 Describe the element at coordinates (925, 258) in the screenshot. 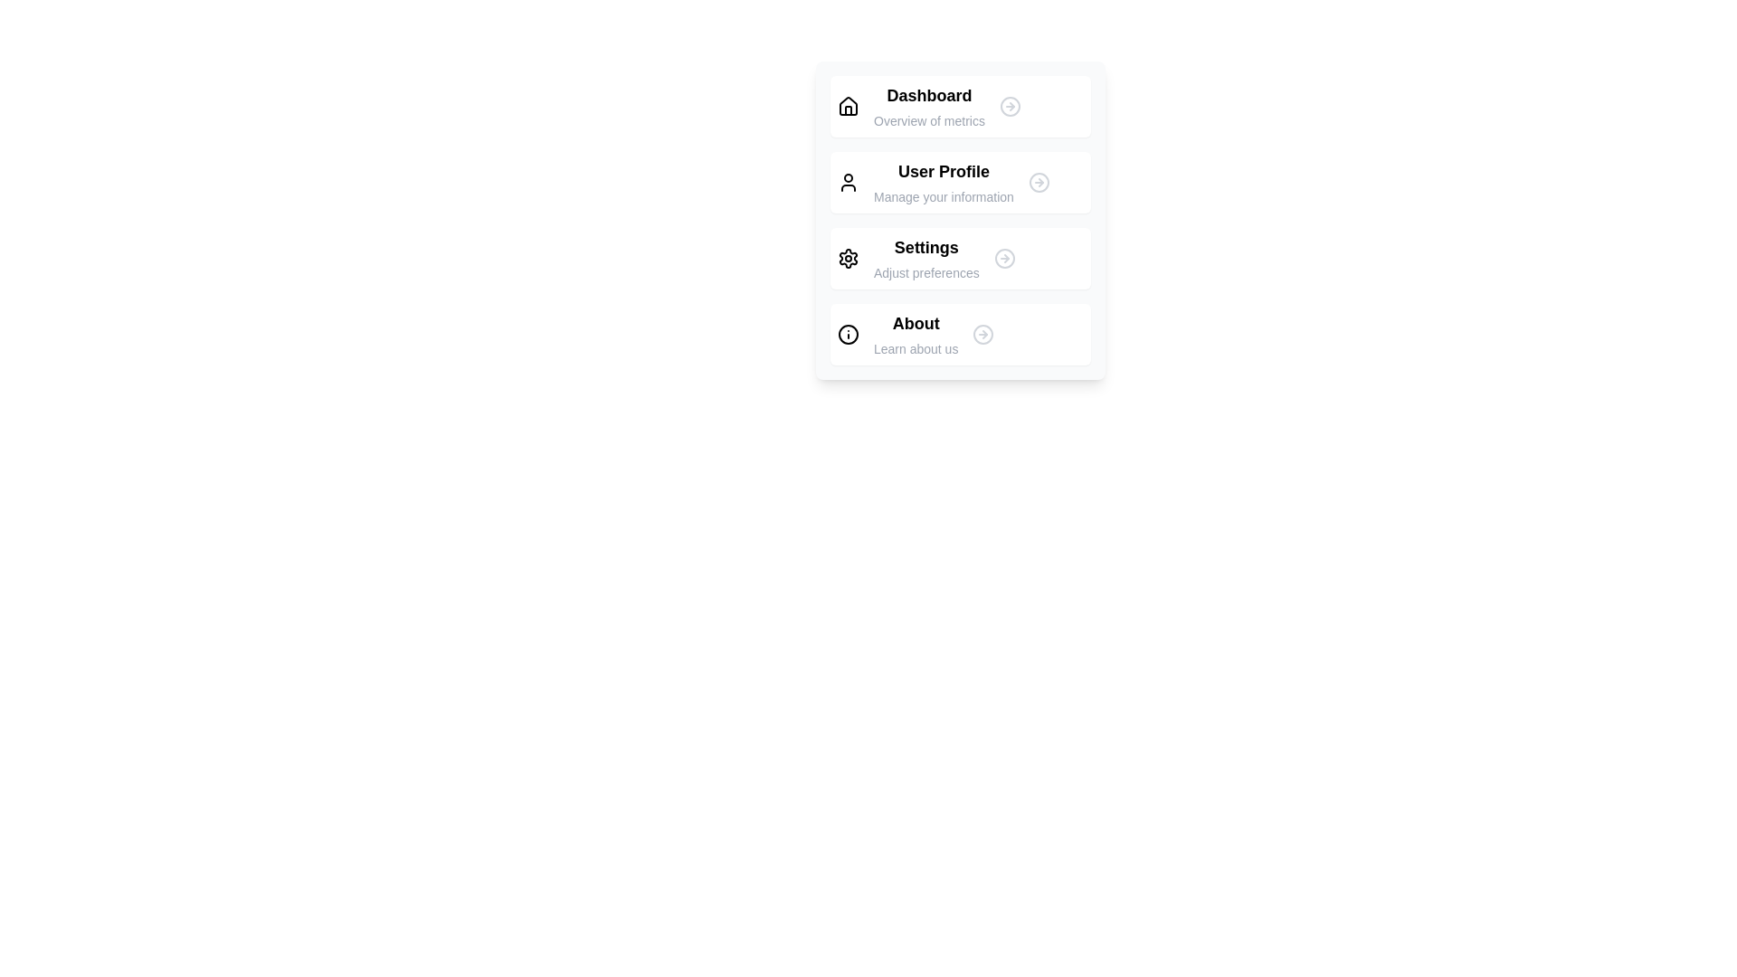

I see `the 'Settings' menu option, which is the third item in a vertical stack of menu entries, located below 'User Profile' and above 'About'` at that location.